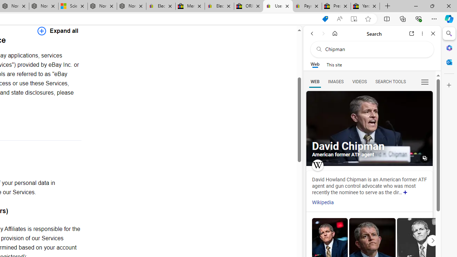 This screenshot has width=457, height=257. I want to click on 'Search Filter, WEB', so click(315, 81).